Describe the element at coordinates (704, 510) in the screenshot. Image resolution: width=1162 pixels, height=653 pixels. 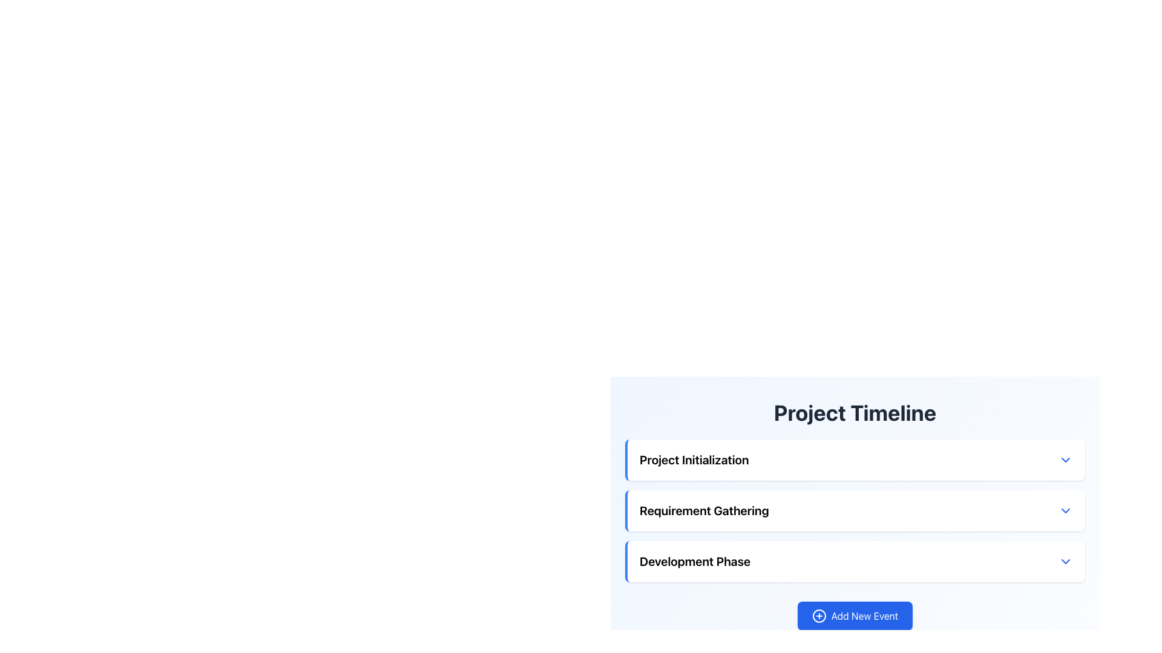
I see `the 'Requirement Gathering' text label in the 'Project Timeline' interface, which provides information about the current phase and is located between the 'Project Initialization' and 'Development Phase' headings` at that location.